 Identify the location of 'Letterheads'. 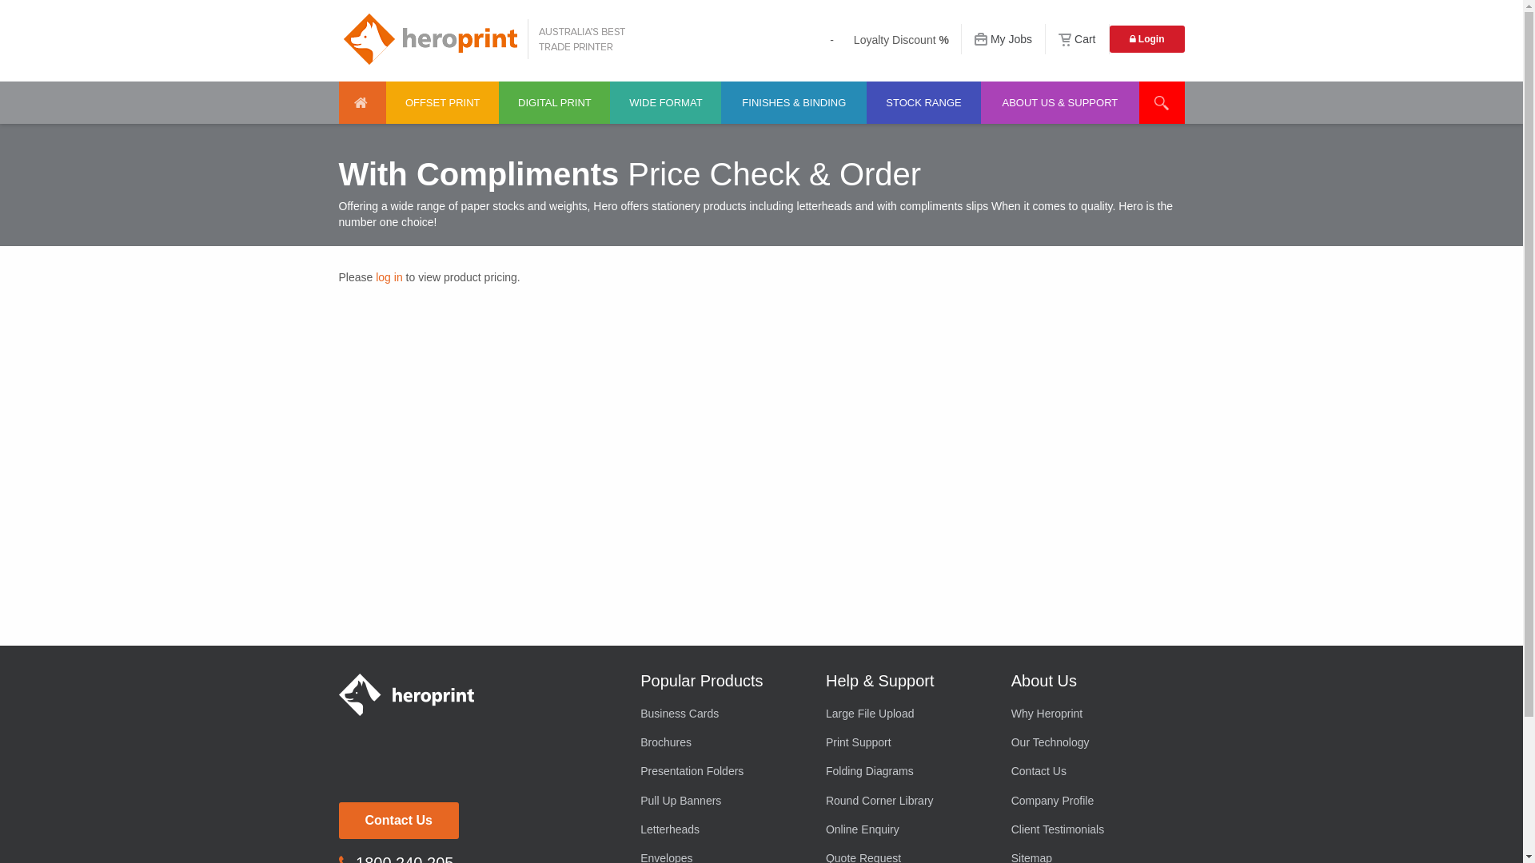
(640, 828).